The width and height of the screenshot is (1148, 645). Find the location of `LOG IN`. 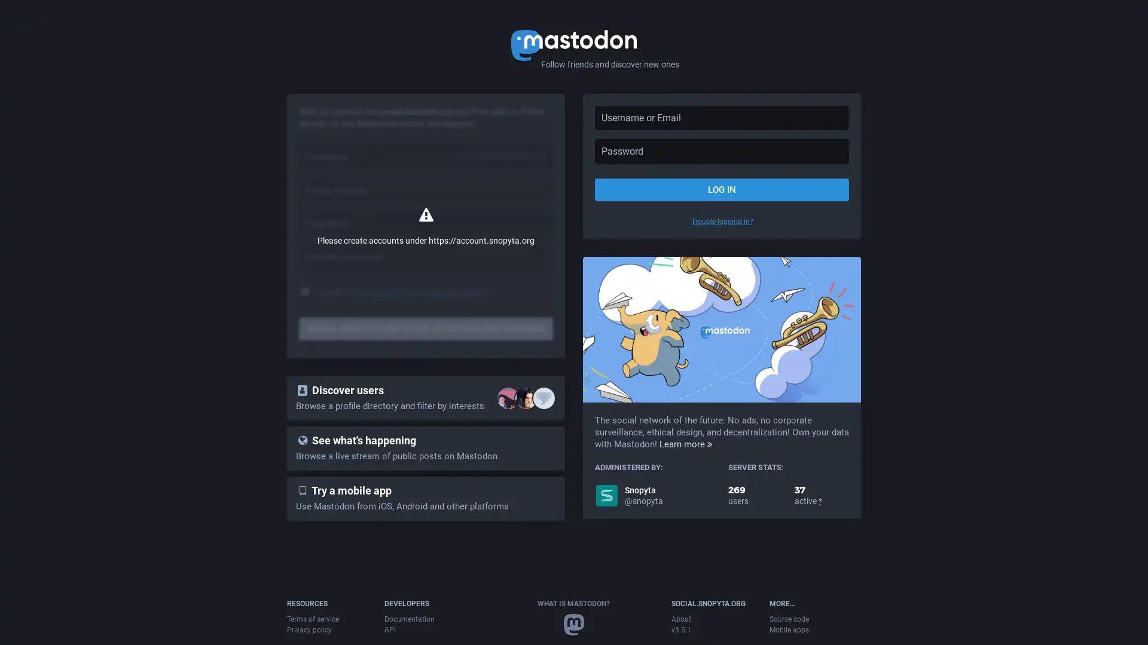

LOG IN is located at coordinates (721, 189).